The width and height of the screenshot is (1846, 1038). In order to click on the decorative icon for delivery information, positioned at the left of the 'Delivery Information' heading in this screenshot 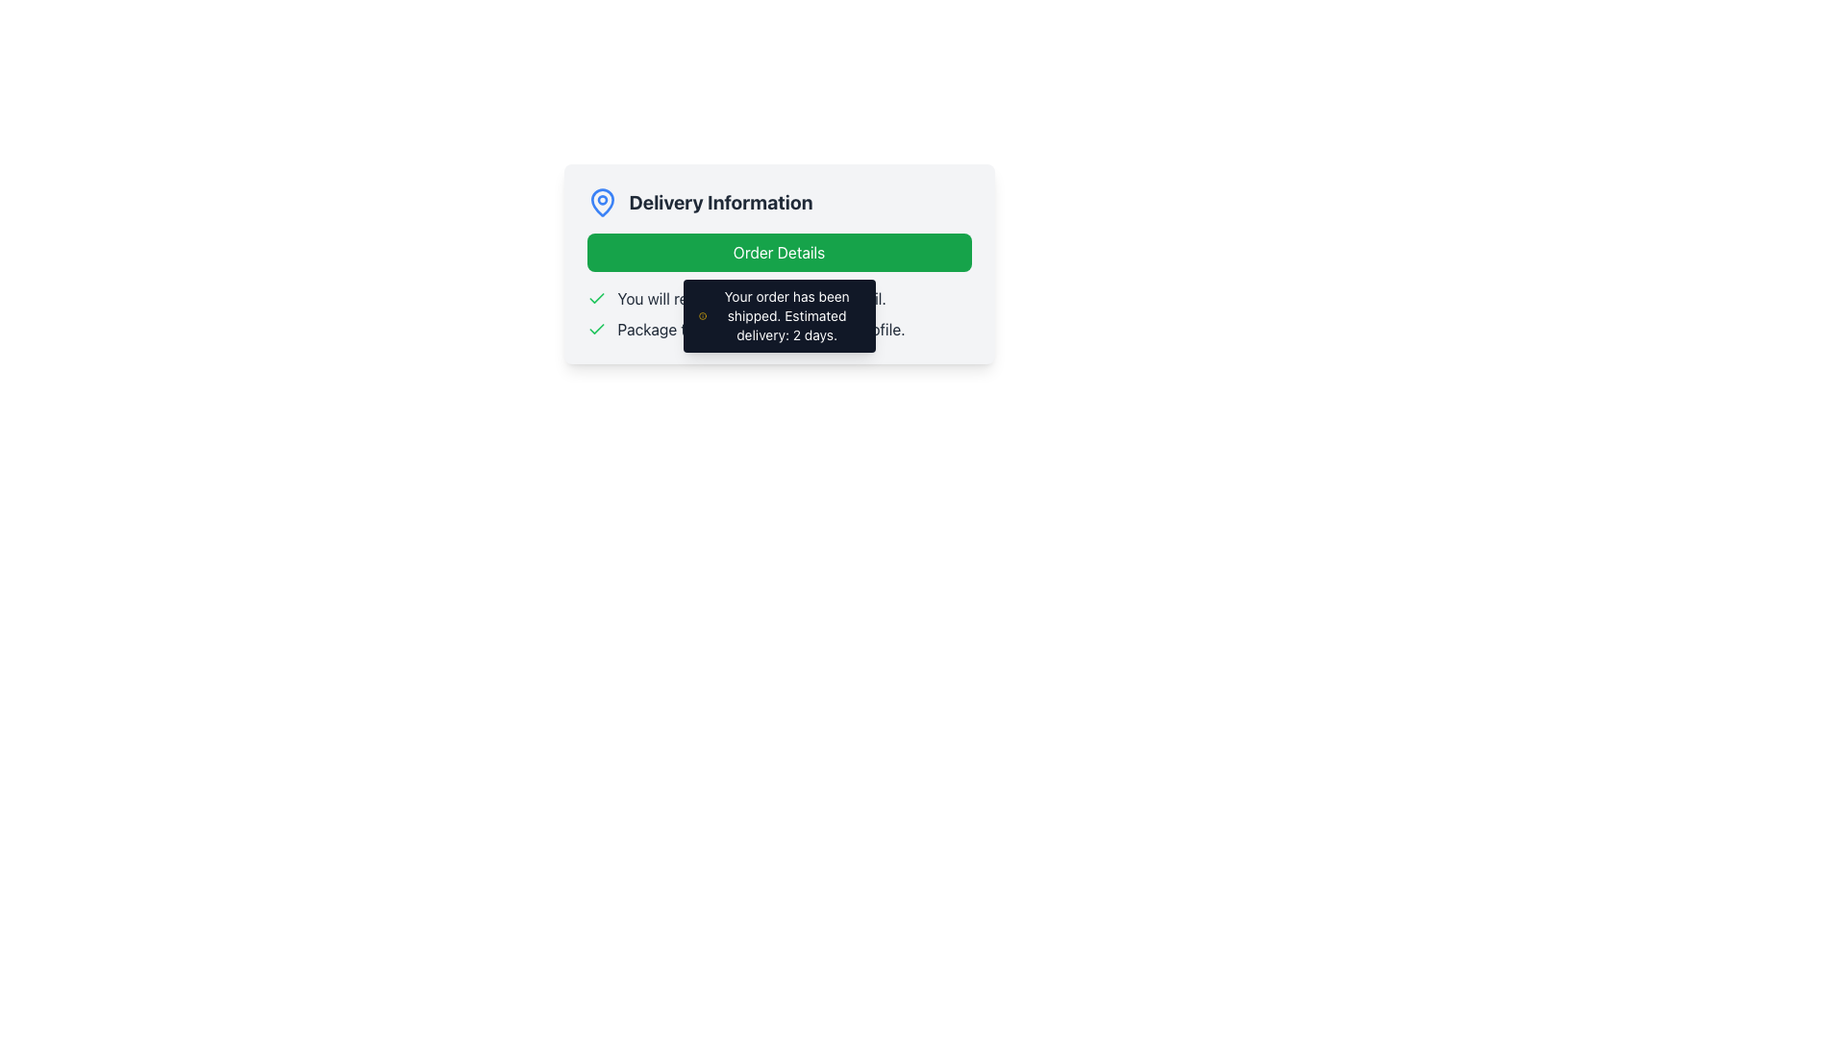, I will do `click(601, 203)`.